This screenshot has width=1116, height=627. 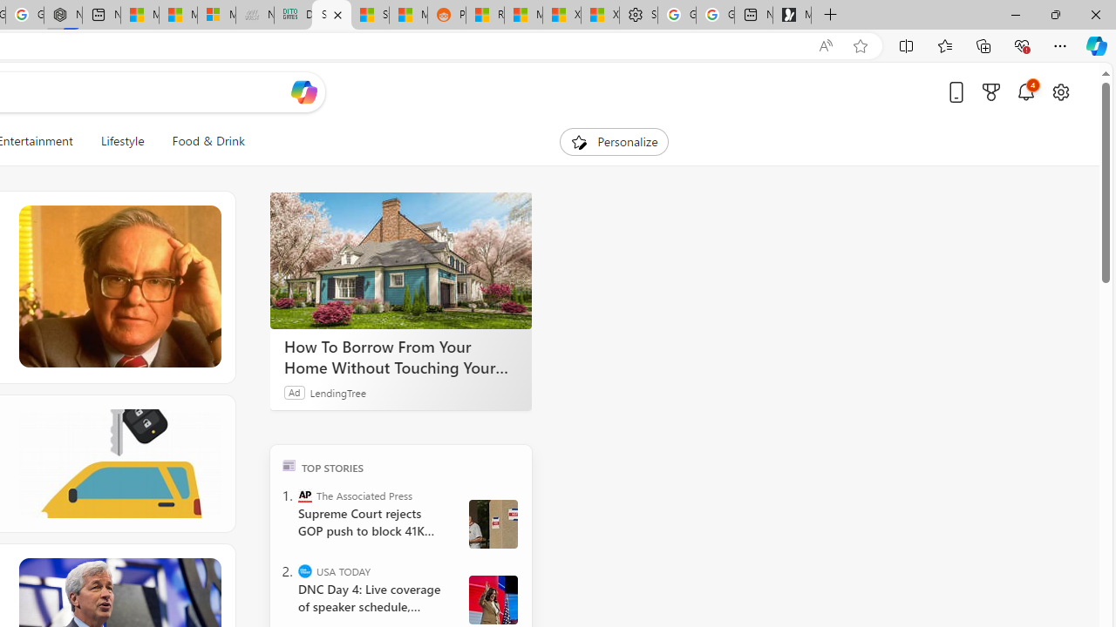 What do you see at coordinates (305, 570) in the screenshot?
I see `'USA TODAY'` at bounding box center [305, 570].